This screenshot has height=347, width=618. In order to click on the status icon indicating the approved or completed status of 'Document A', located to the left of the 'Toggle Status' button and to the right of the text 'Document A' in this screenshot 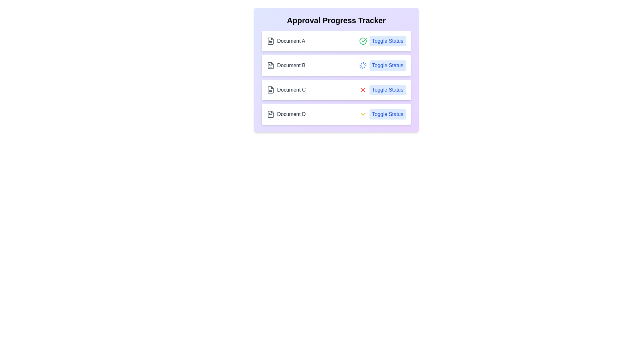, I will do `click(363, 41)`.